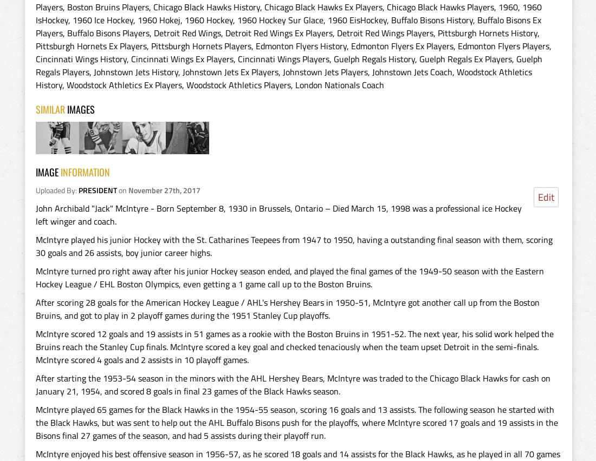 Image resolution: width=596 pixels, height=461 pixels. I want to click on 'Uploaded By:', so click(57, 190).